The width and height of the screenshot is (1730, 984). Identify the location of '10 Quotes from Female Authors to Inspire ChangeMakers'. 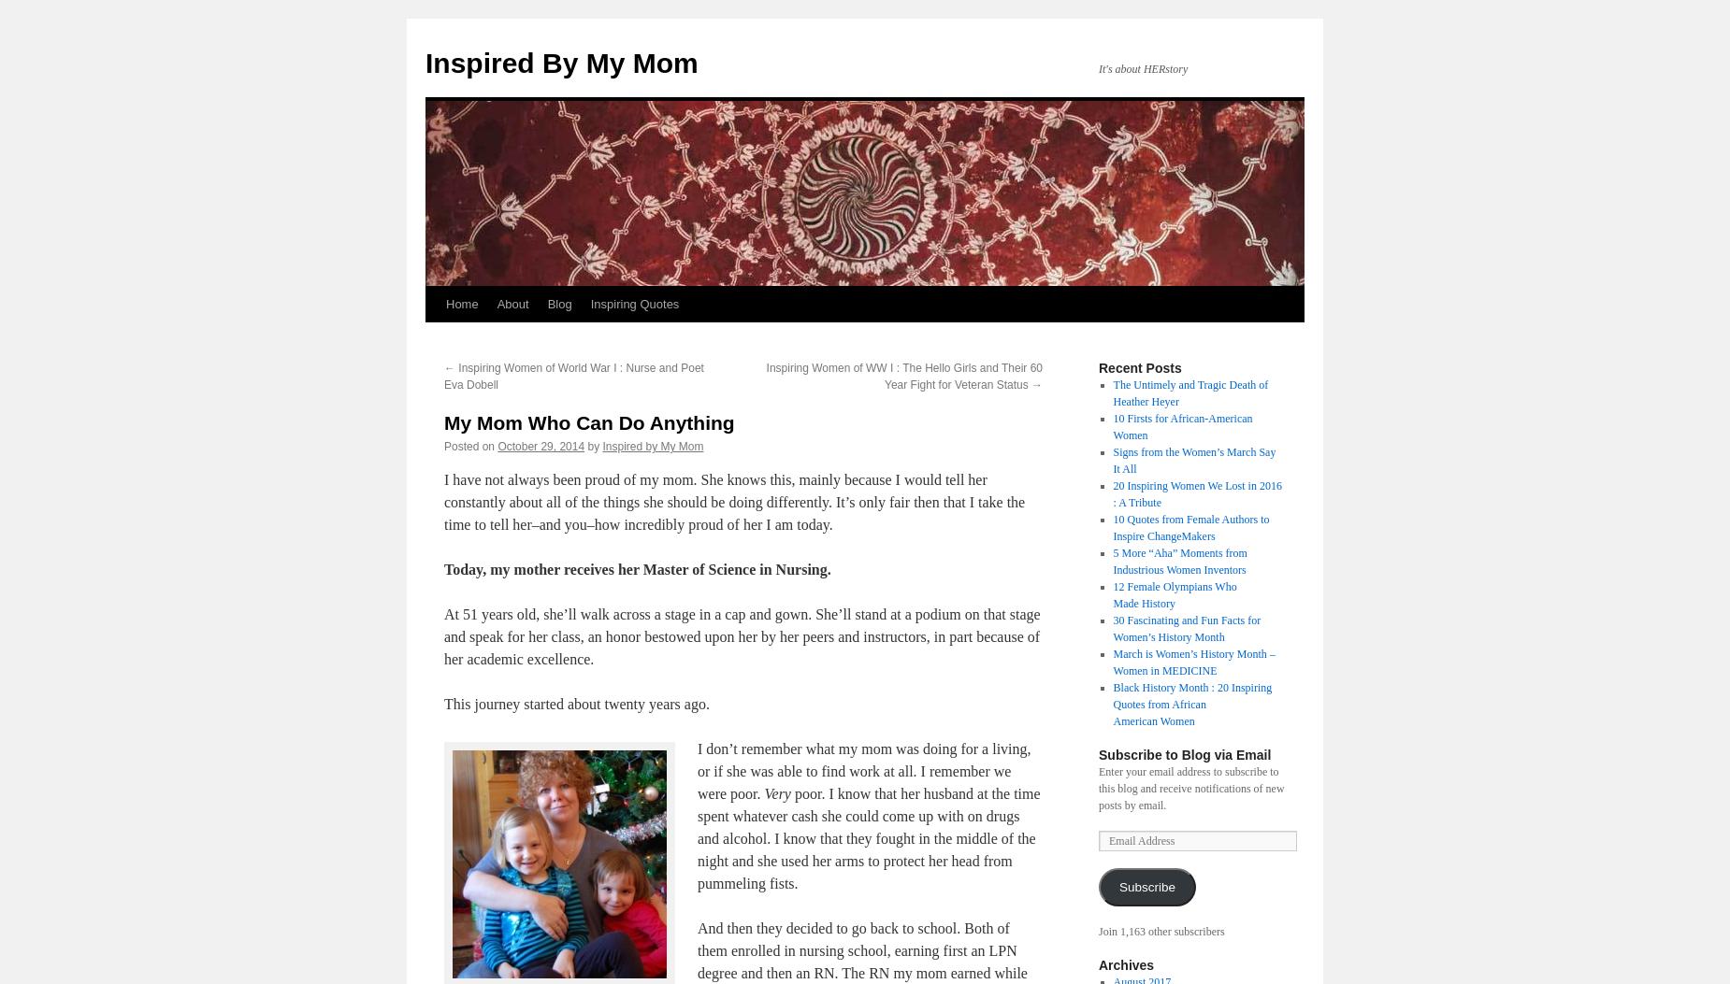
(1189, 527).